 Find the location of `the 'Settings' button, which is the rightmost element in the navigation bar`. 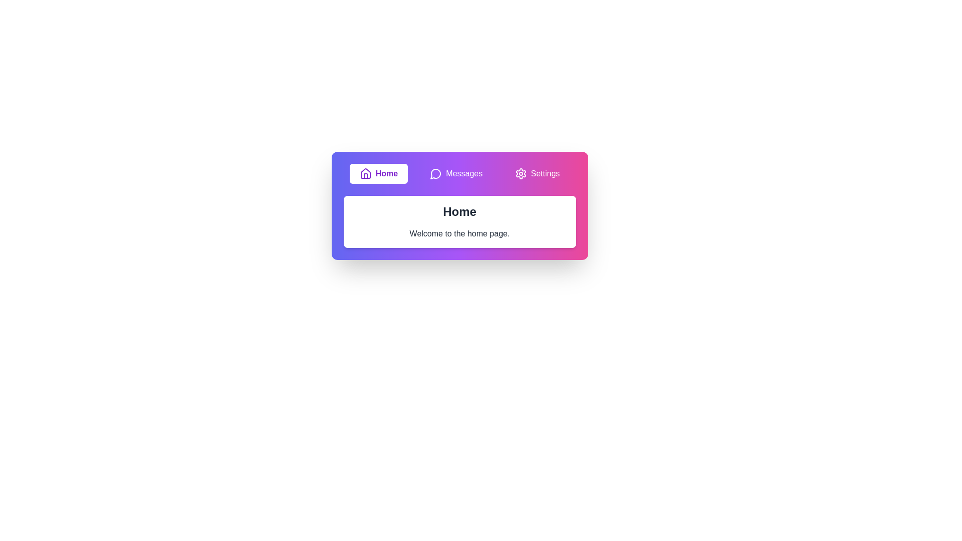

the 'Settings' button, which is the rightmost element in the navigation bar is located at coordinates (545, 173).